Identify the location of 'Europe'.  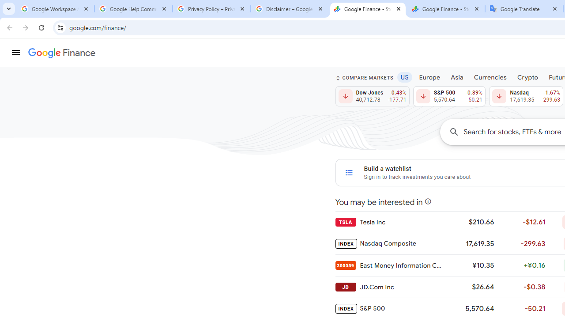
(429, 76).